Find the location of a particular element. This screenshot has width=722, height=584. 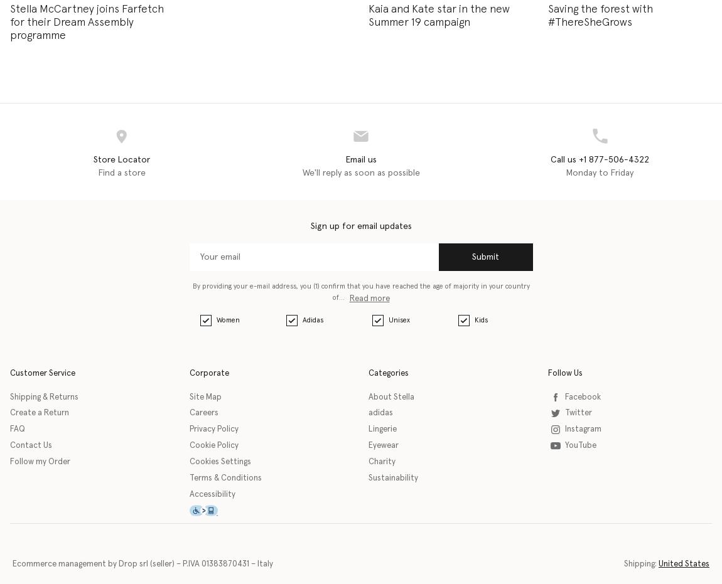

'Monday to Friday' is located at coordinates (600, 172).